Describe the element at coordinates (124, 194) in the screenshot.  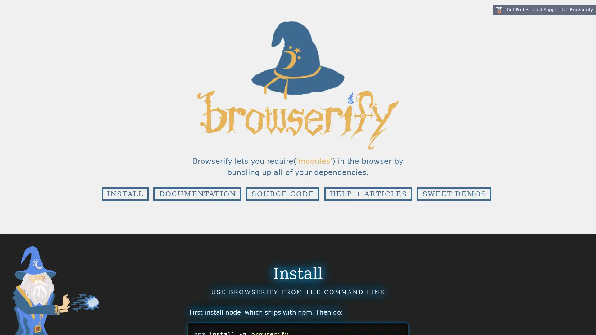
I see `INSTALL` at that location.